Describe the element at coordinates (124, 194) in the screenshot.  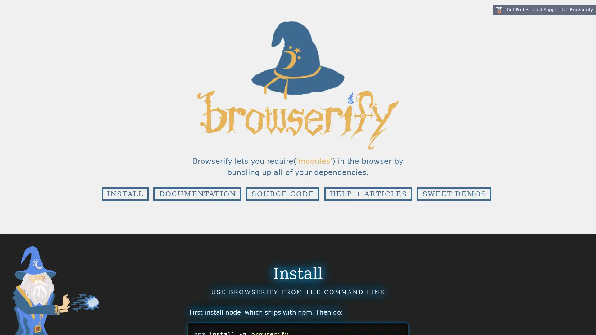
I see `INSTALL` at that location.